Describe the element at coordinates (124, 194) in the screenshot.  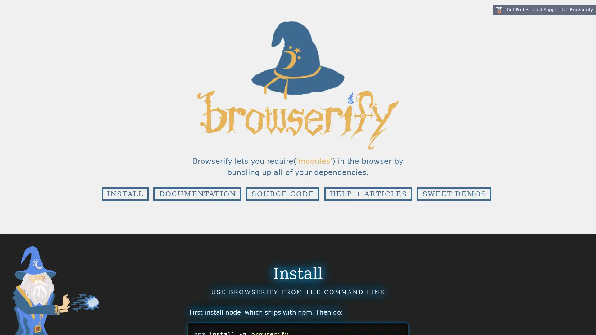
I see `INSTALL` at that location.